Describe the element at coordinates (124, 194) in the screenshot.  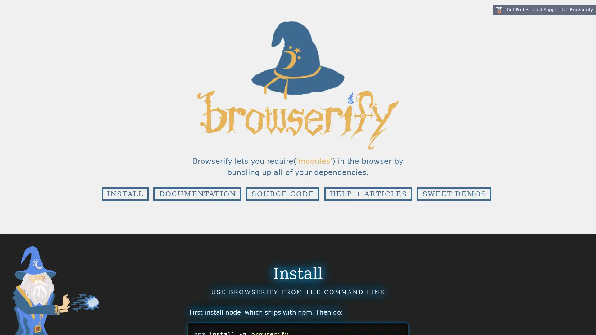
I see `INSTALL` at that location.